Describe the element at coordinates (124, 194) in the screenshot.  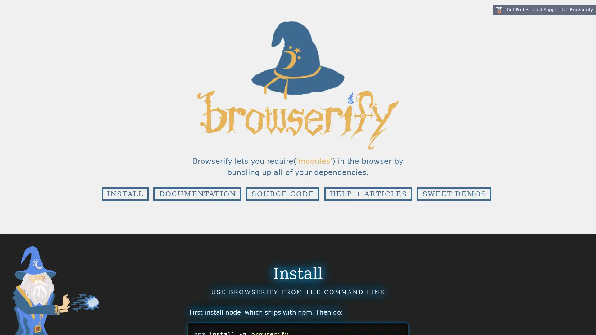
I see `INSTALL` at that location.